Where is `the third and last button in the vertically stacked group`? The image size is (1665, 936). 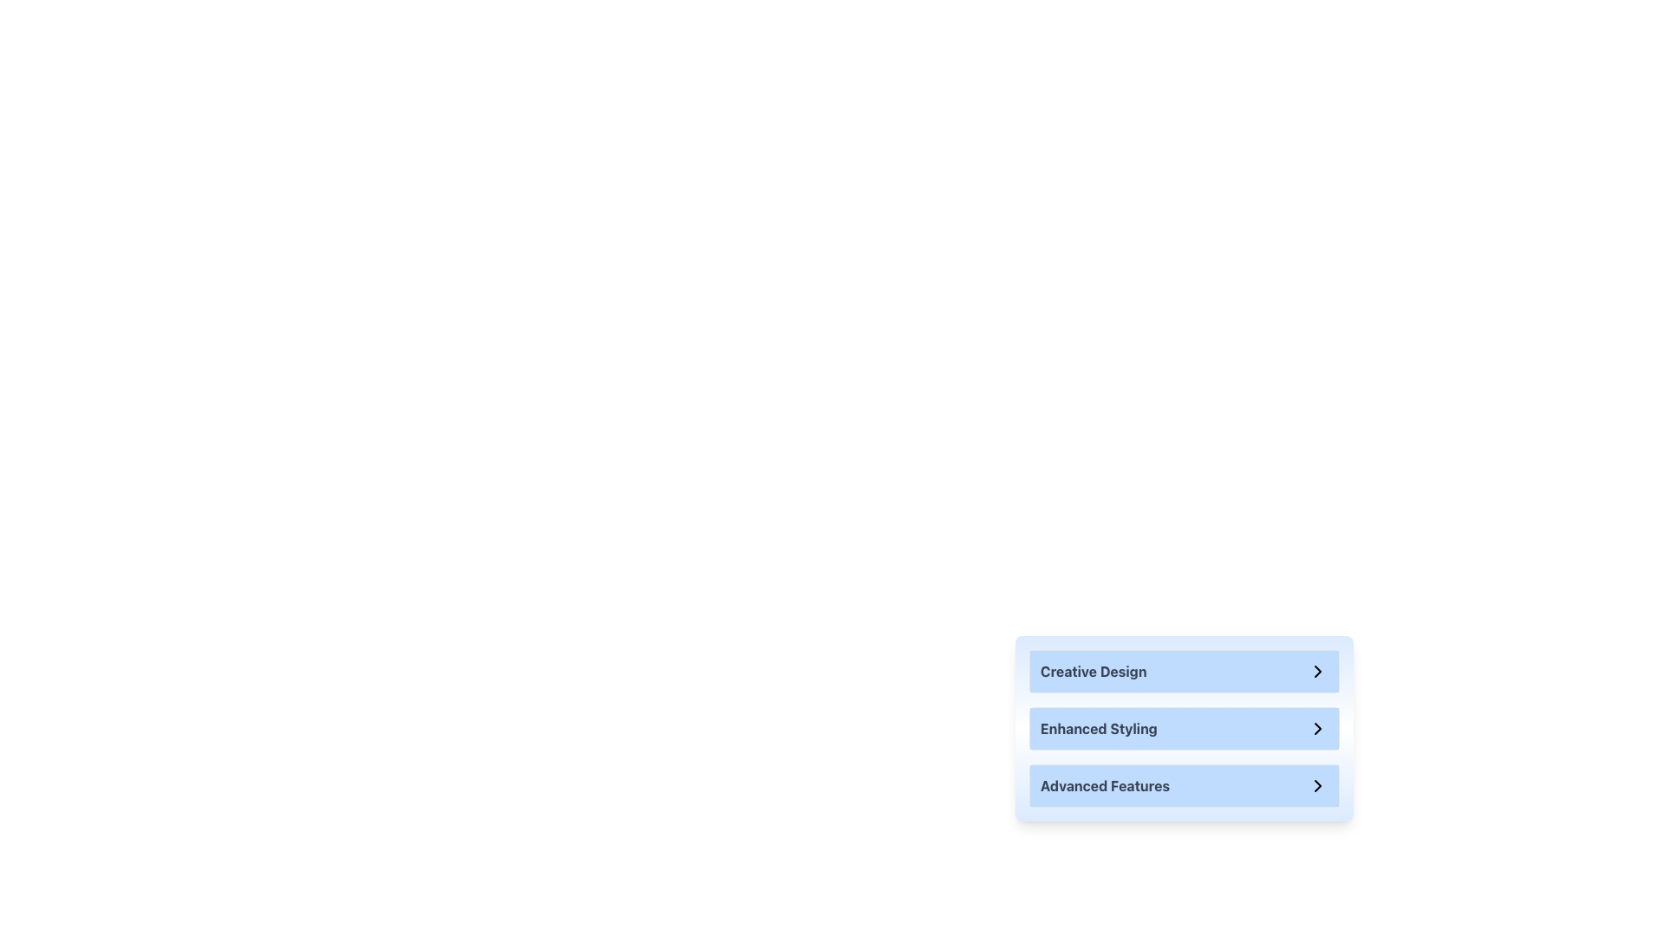
the third and last button in the vertically stacked group is located at coordinates (1184, 785).